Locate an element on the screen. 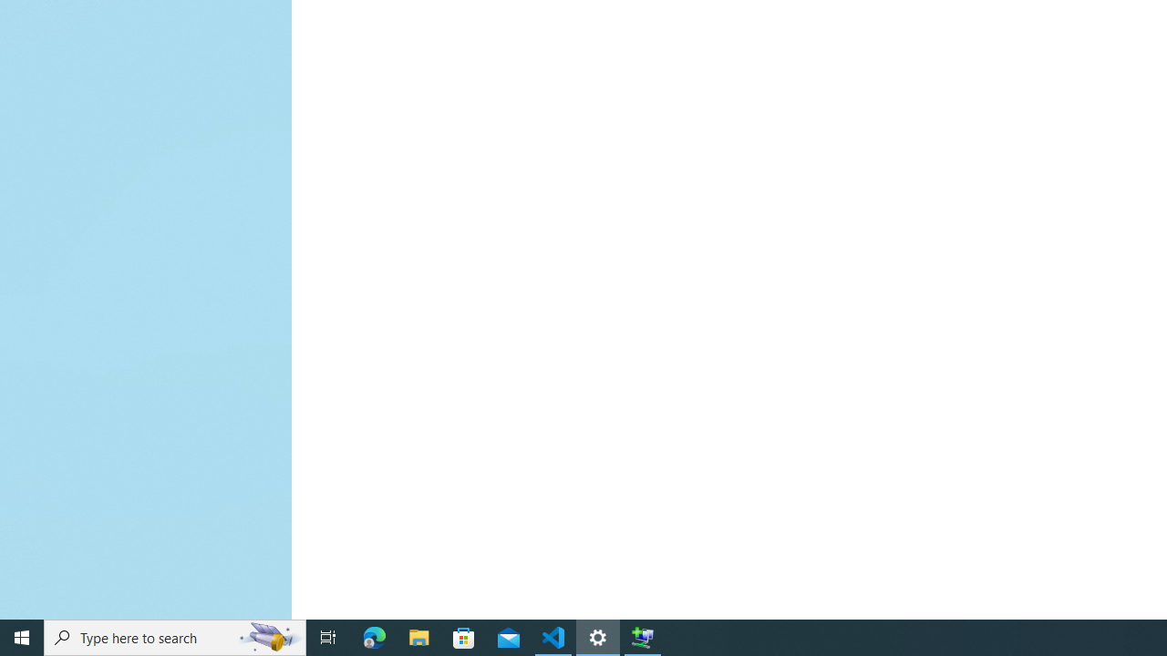 The height and width of the screenshot is (656, 1167). 'Search highlights icon opens search home window' is located at coordinates (268, 636).